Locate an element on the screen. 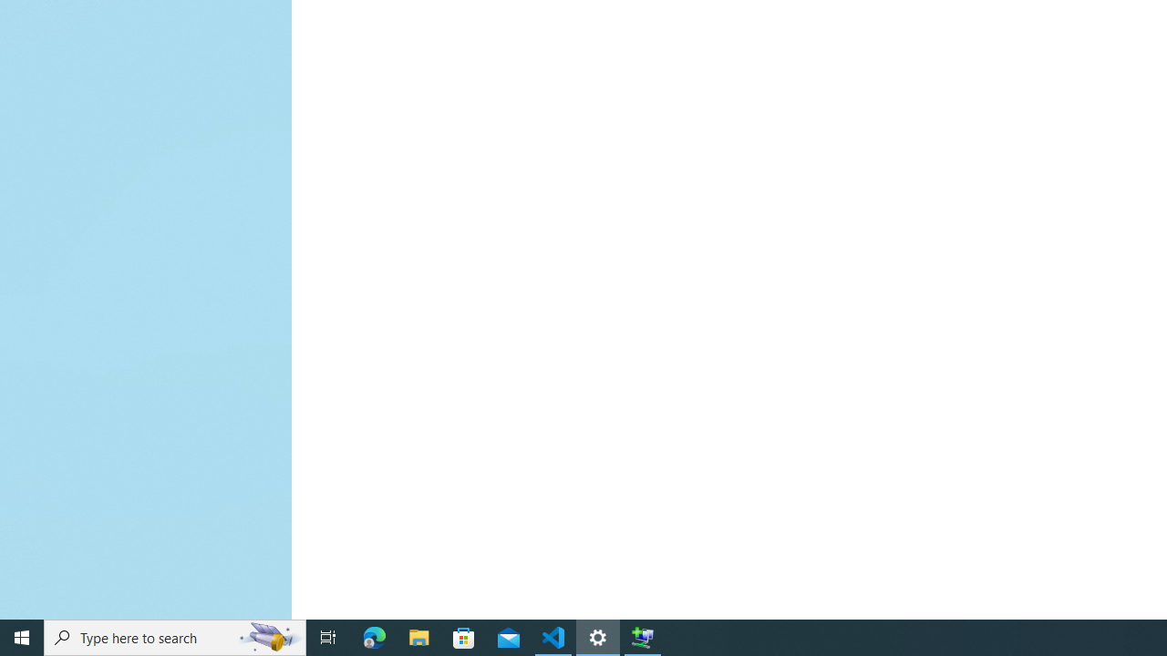 The height and width of the screenshot is (656, 1167). 'Search highlights icon opens search home window' is located at coordinates (268, 636).